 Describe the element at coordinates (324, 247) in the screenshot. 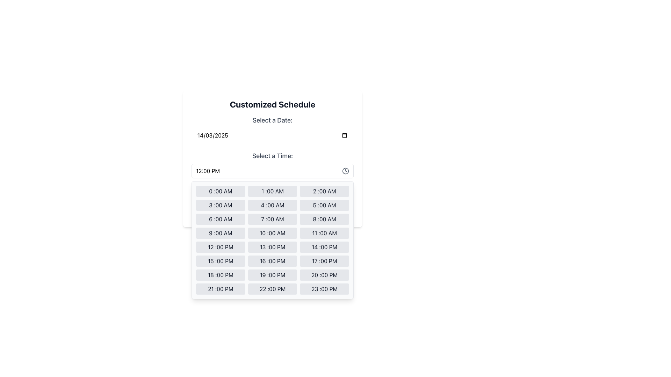

I see `the button labeled '14 :00 PM' in the time picker` at that location.